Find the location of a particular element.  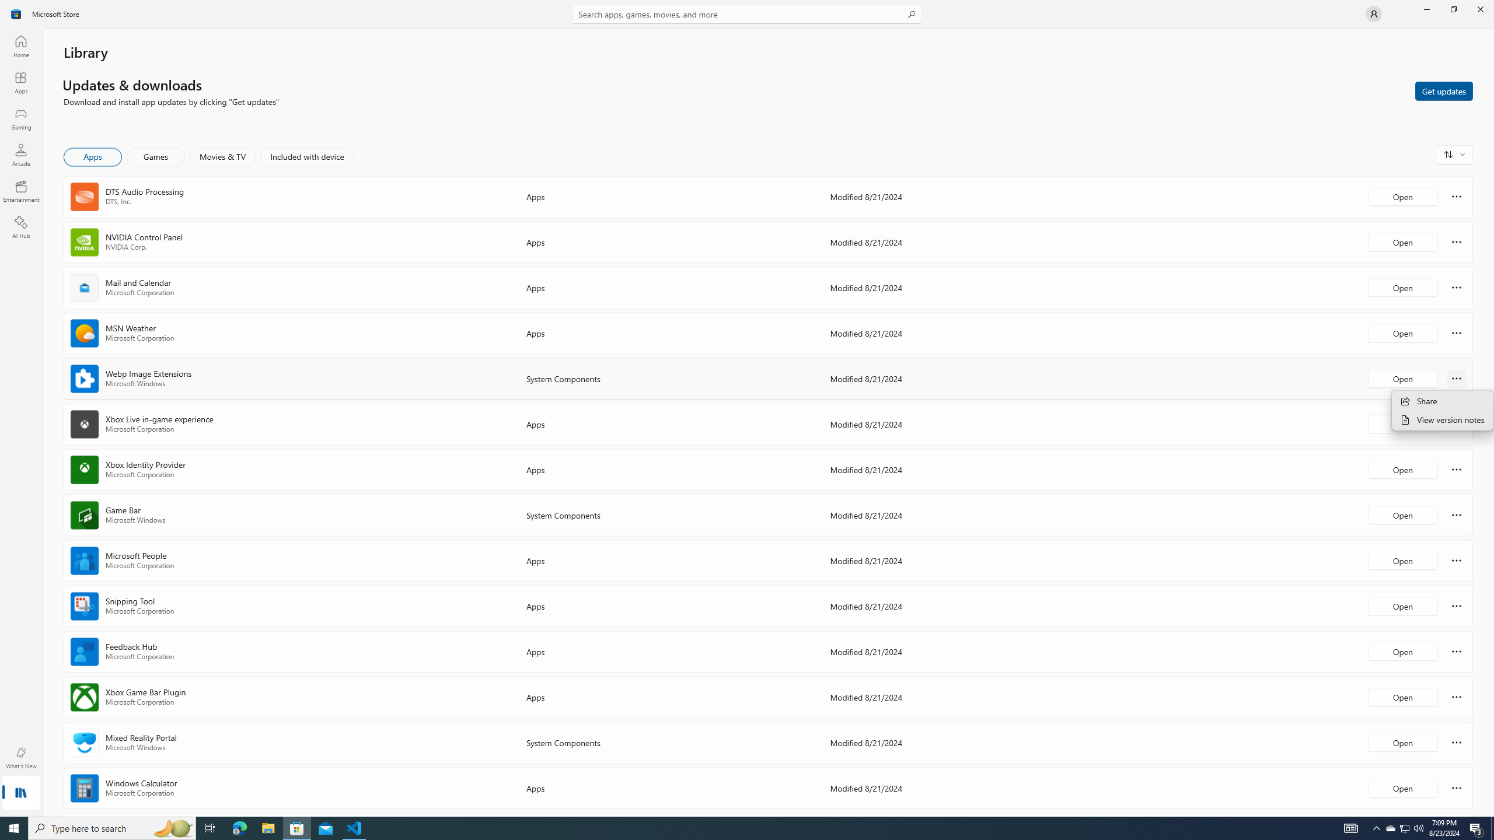

'Movies & TV' is located at coordinates (222, 156).